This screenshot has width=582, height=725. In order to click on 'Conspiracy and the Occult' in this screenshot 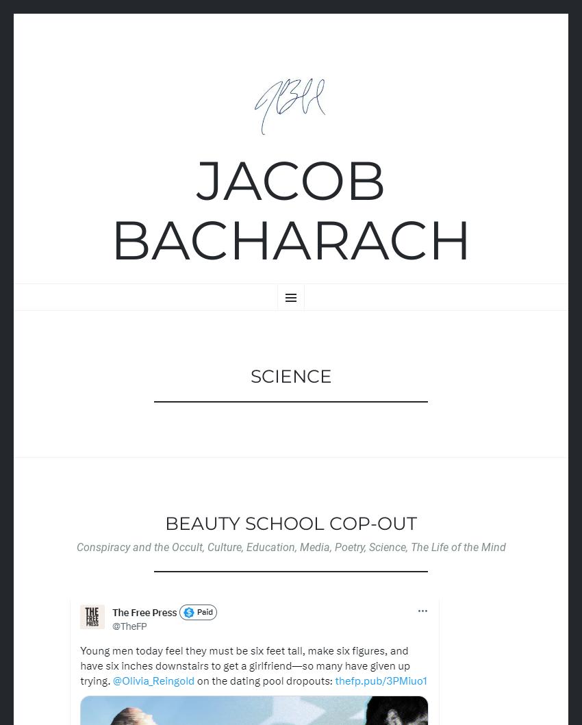, I will do `click(138, 546)`.